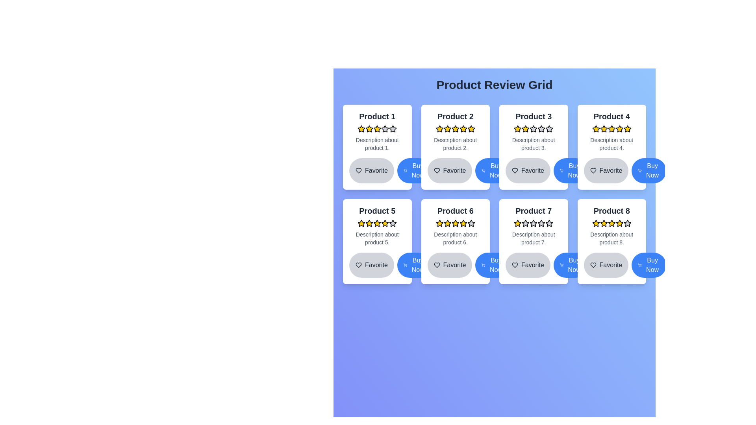 Image resolution: width=756 pixels, height=425 pixels. What do you see at coordinates (649, 265) in the screenshot?
I see `the purchase button located at the bottom right corner of the Product 8 card` at bounding box center [649, 265].